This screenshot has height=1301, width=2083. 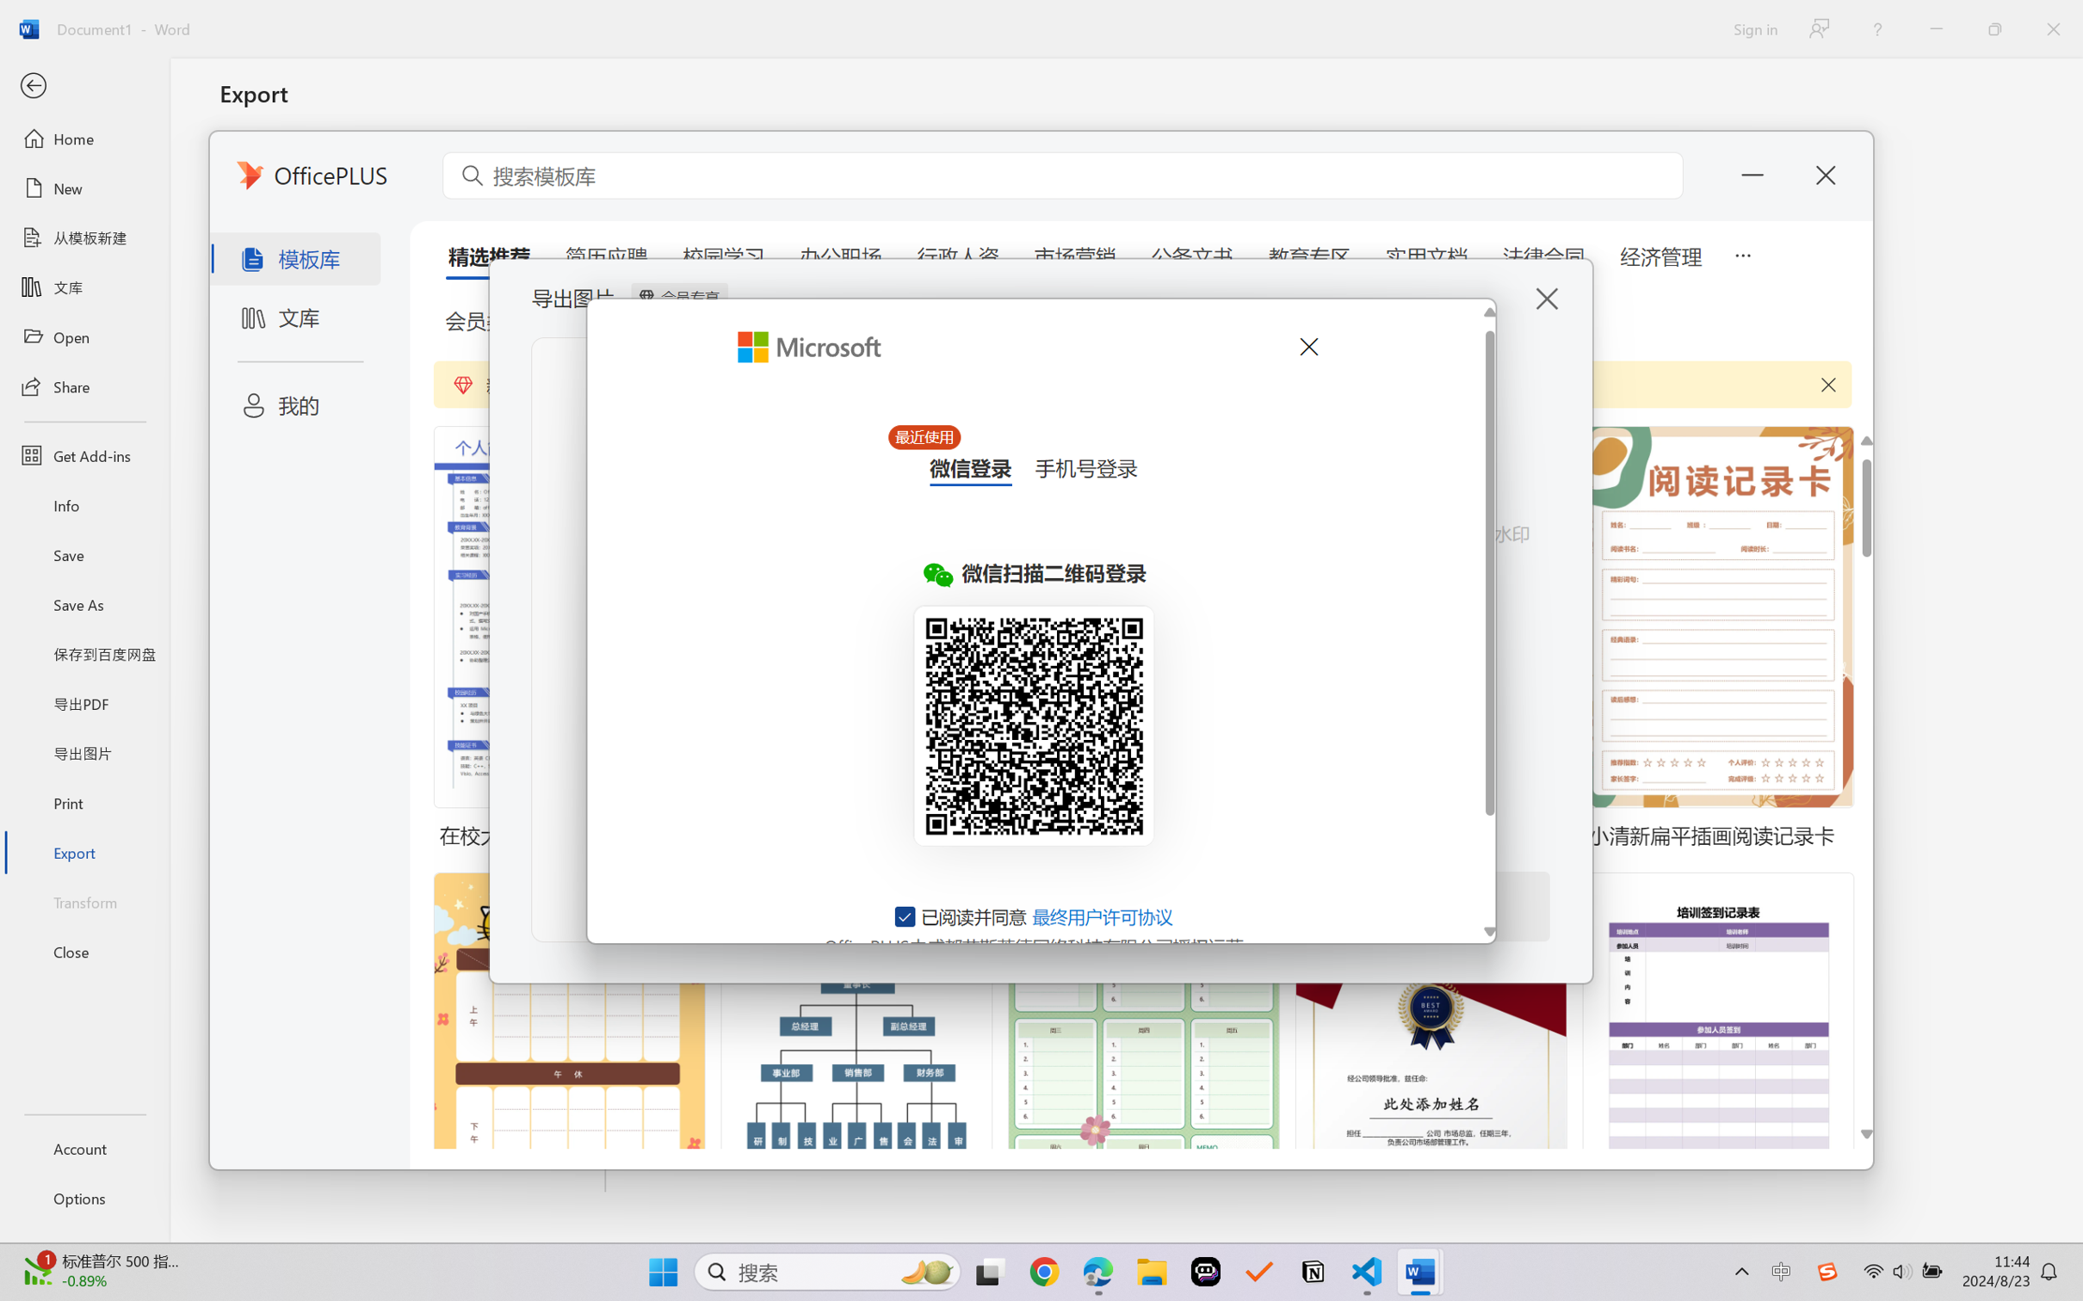 What do you see at coordinates (83, 1197) in the screenshot?
I see `'Options'` at bounding box center [83, 1197].